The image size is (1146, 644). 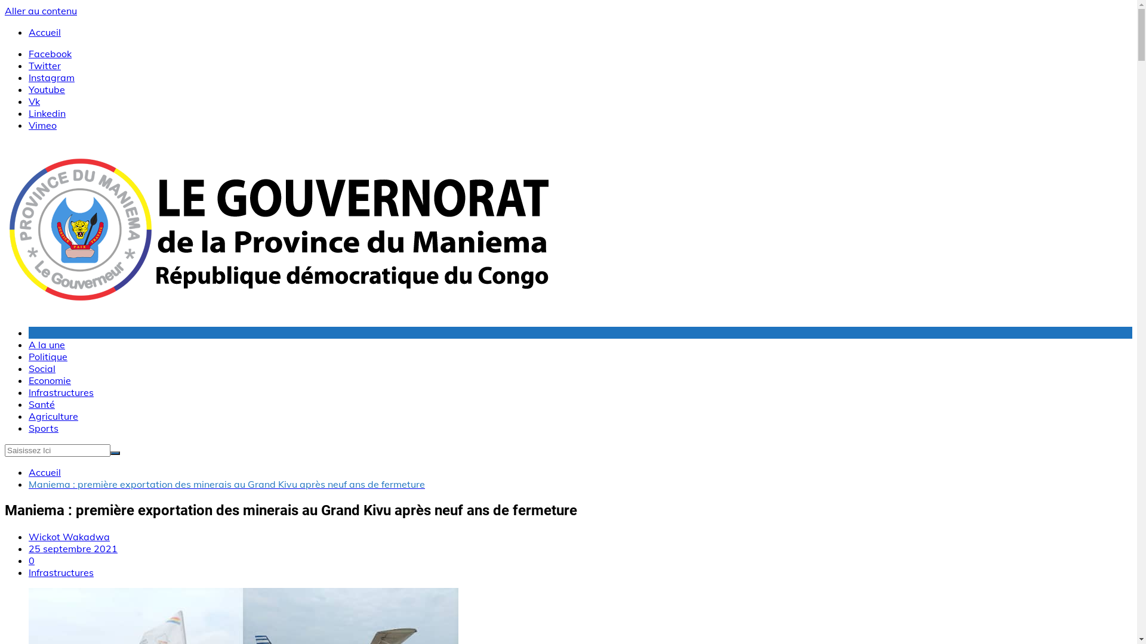 What do you see at coordinates (42, 125) in the screenshot?
I see `'Vimeo'` at bounding box center [42, 125].